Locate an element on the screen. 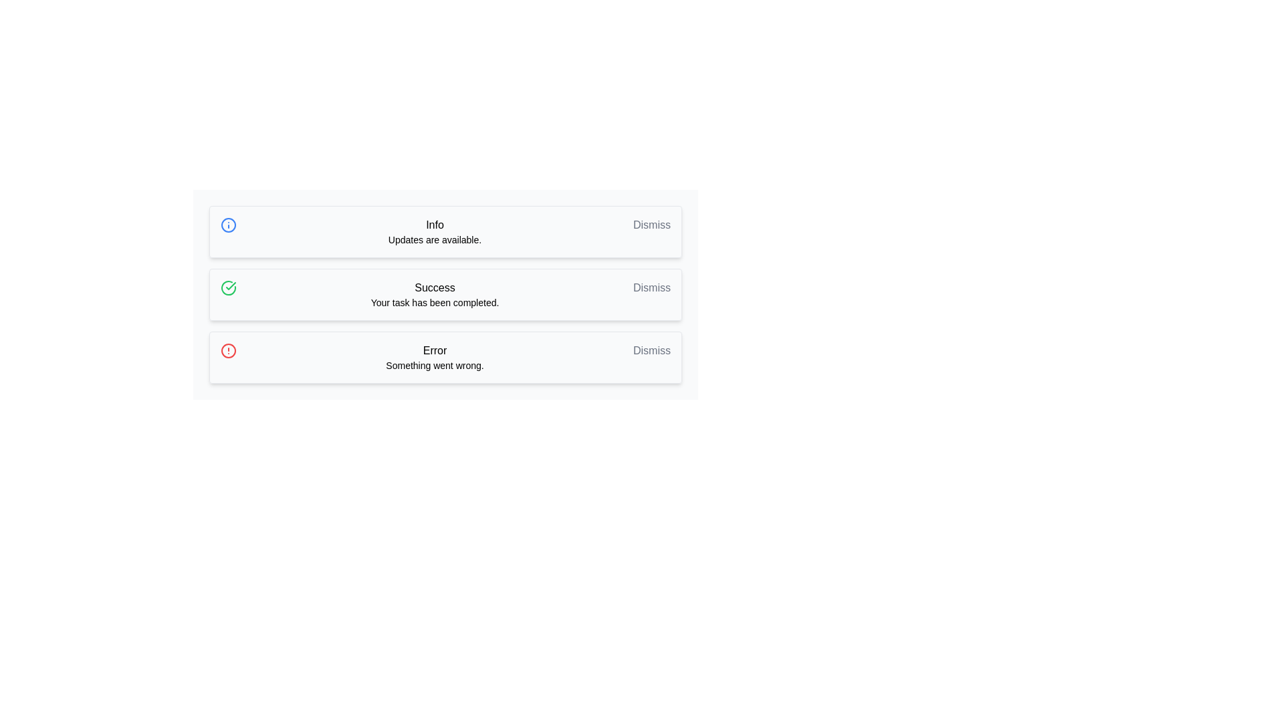 The image size is (1284, 722). the Text Display element that shows 'Info' in bold and 'Updates are available.' in a notification box with a light blue background is located at coordinates (435, 231).